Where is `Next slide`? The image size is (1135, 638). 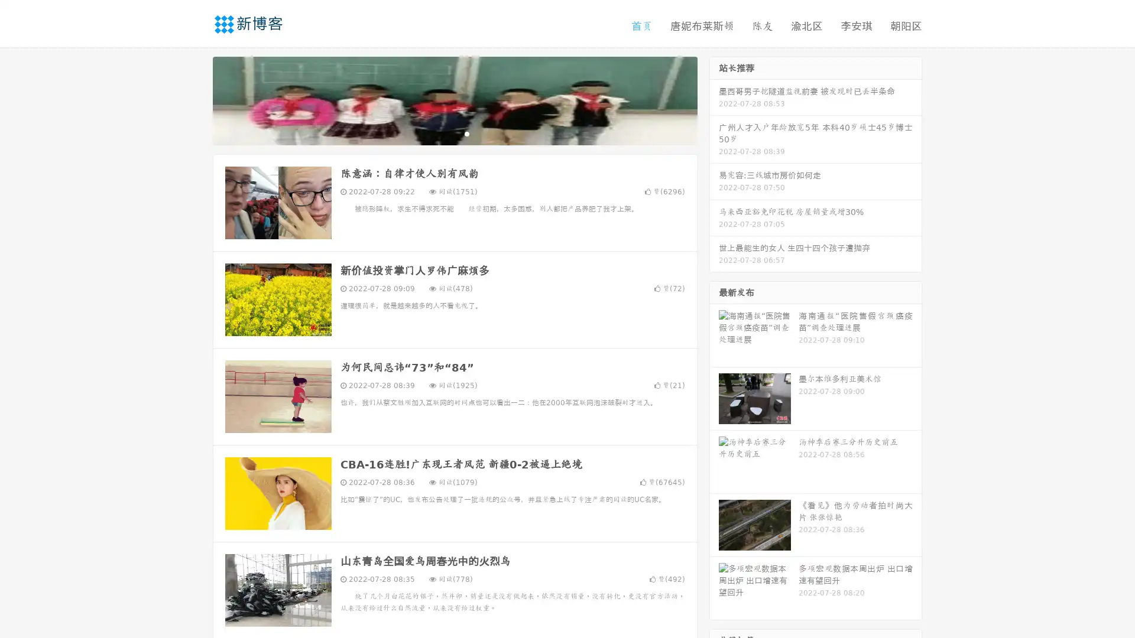
Next slide is located at coordinates (714, 99).